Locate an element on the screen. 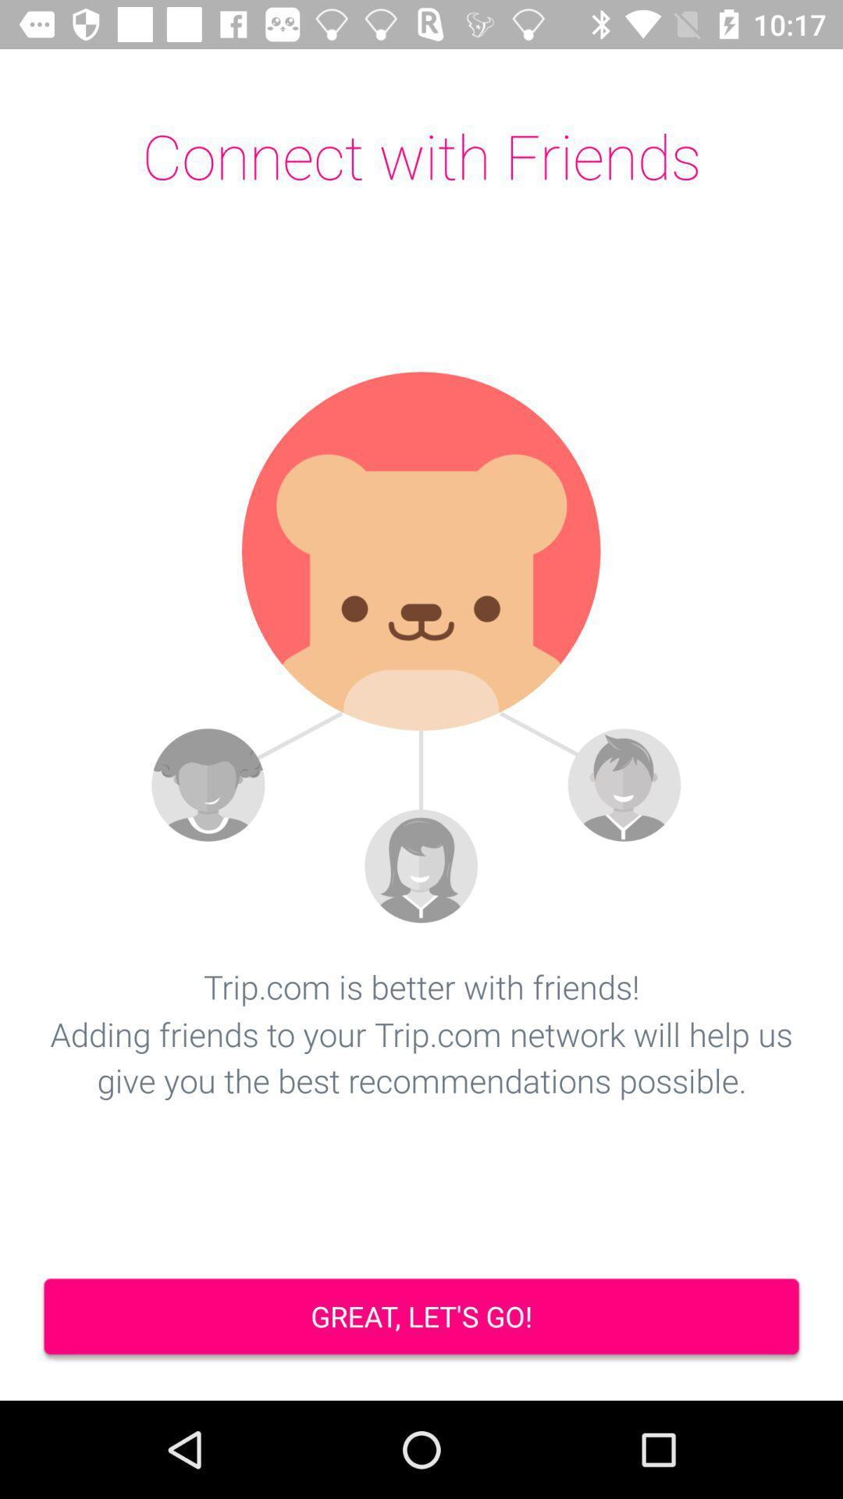 This screenshot has height=1499, width=843. icon below trip com is item is located at coordinates (421, 1318).